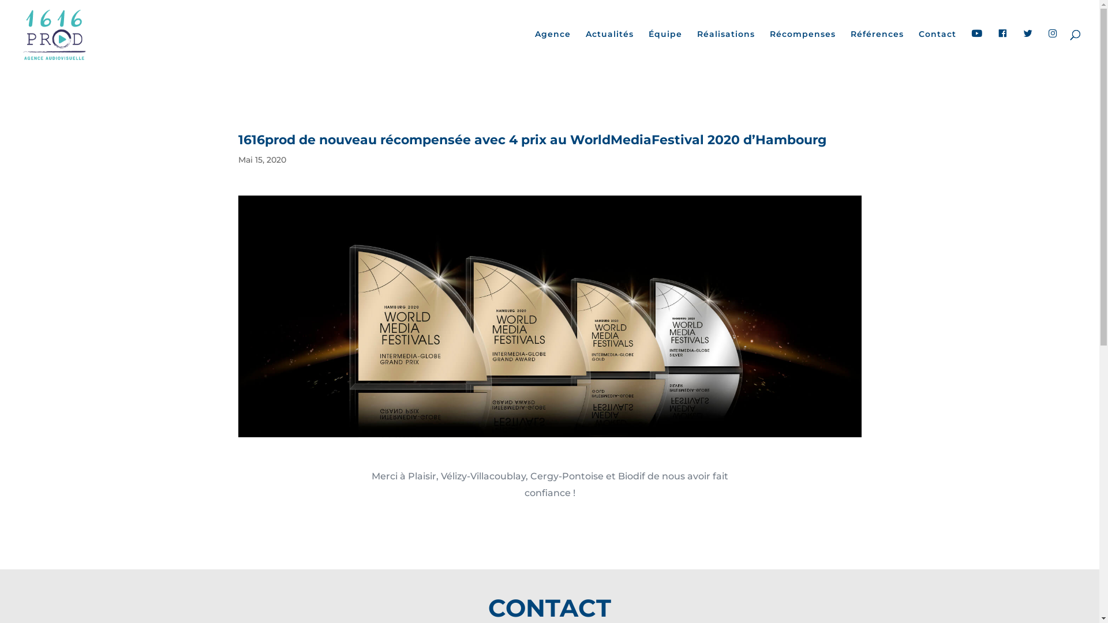  What do you see at coordinates (976, 48) in the screenshot?
I see `'Youtube'` at bounding box center [976, 48].